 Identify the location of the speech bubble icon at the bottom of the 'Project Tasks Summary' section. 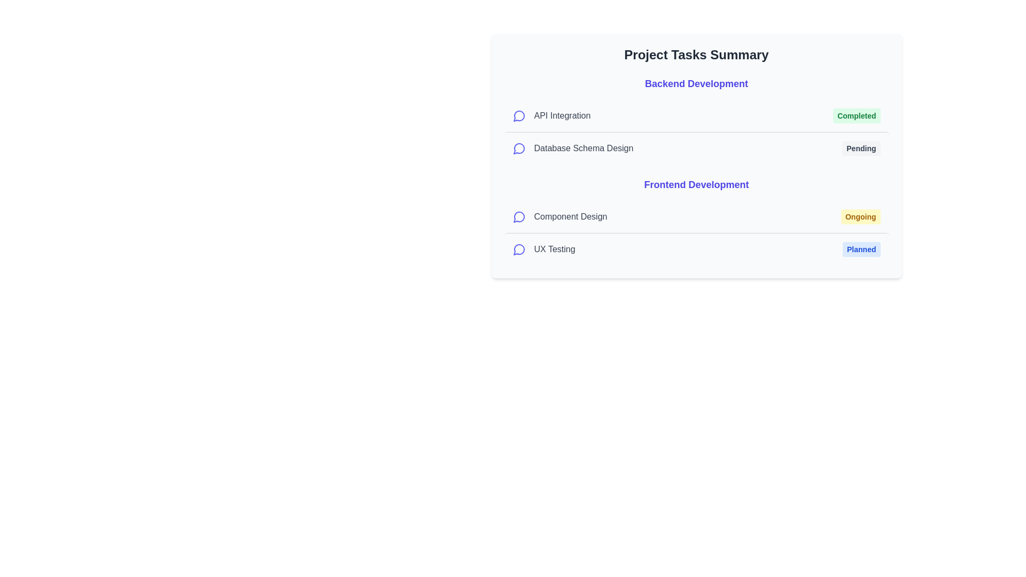
(518, 249).